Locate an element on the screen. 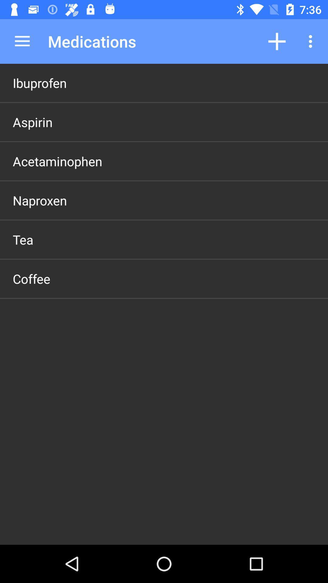 This screenshot has width=328, height=583. the app below the acetaminophen item is located at coordinates (40, 200).